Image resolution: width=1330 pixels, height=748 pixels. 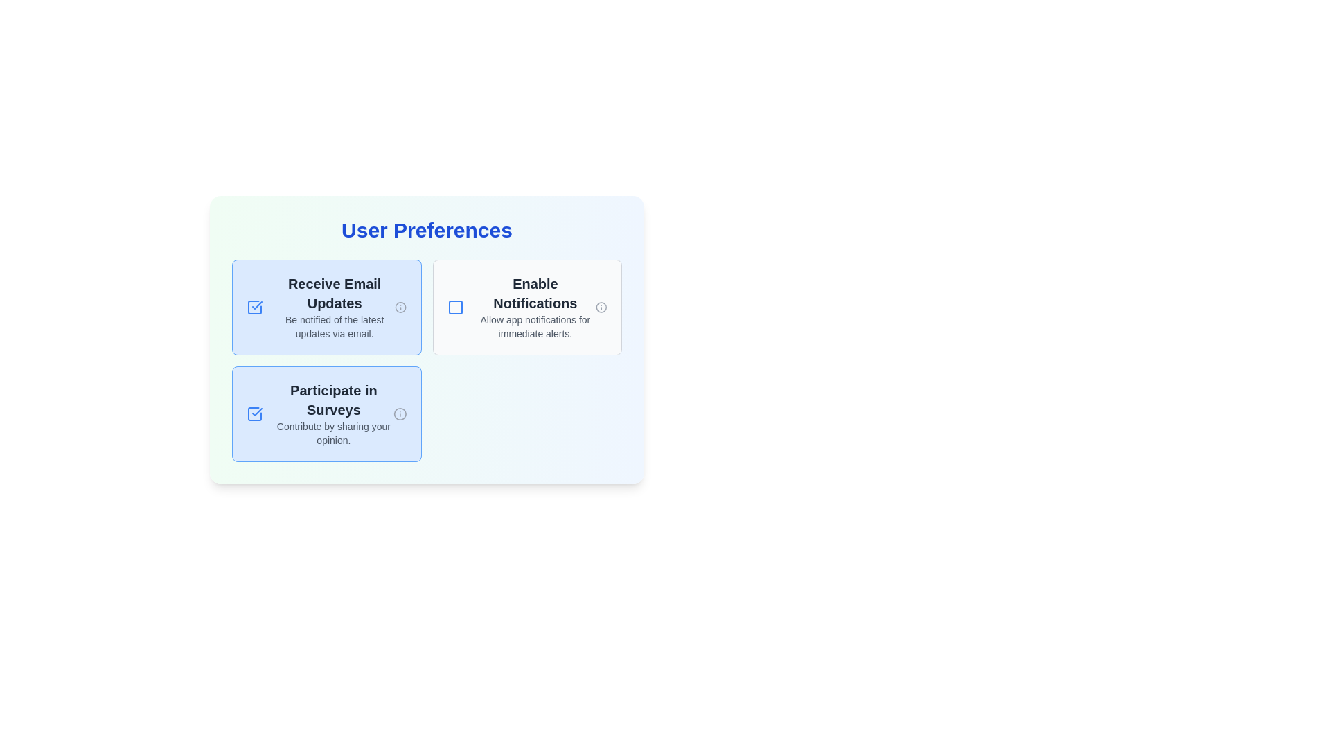 What do you see at coordinates (520, 306) in the screenshot?
I see `the 'Enable Notifications' checkbox and its description` at bounding box center [520, 306].